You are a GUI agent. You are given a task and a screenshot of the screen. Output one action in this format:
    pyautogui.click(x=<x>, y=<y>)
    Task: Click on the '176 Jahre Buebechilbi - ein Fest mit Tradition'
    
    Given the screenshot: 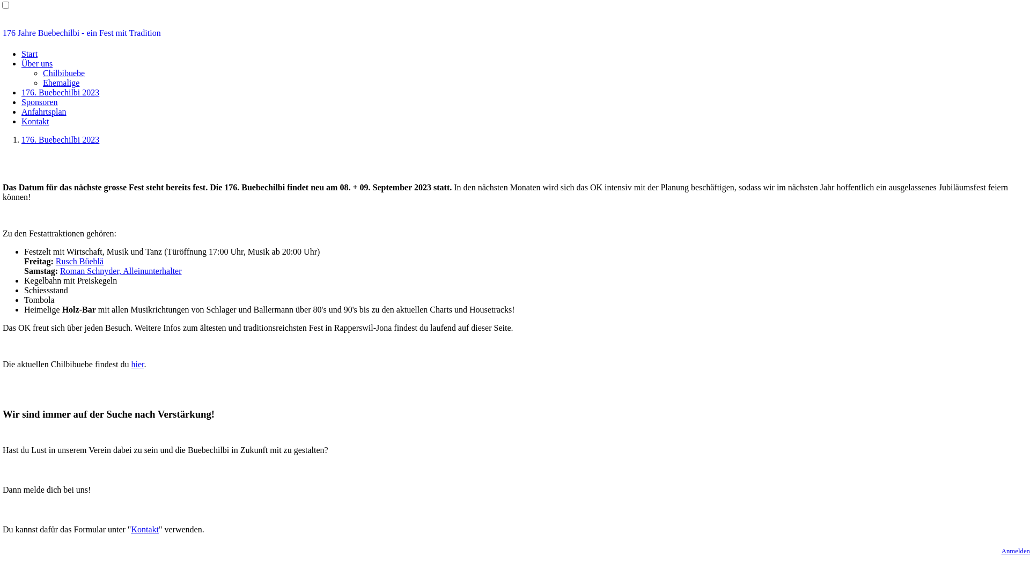 What is the action you would take?
    pyautogui.click(x=515, y=32)
    